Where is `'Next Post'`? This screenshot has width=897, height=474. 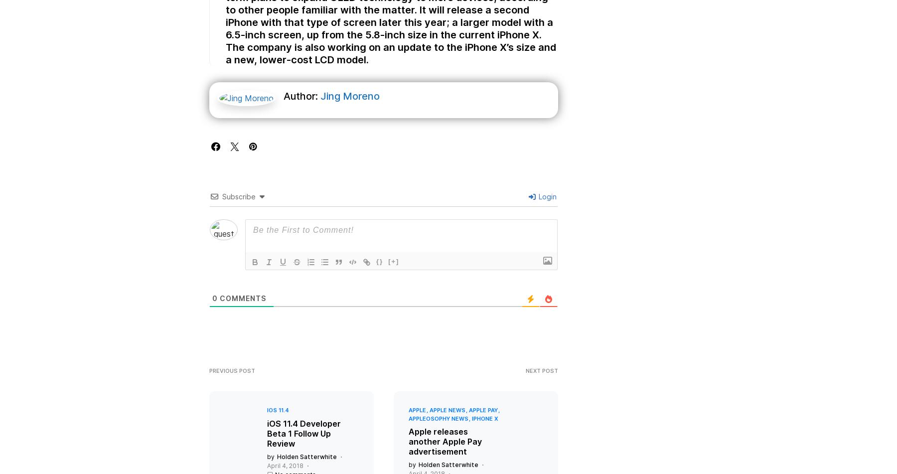
'Next Post' is located at coordinates (542, 379).